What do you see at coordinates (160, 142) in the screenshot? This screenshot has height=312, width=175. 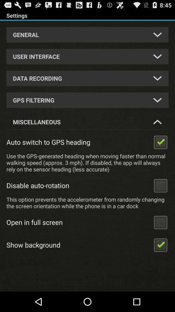 I see `option` at bounding box center [160, 142].